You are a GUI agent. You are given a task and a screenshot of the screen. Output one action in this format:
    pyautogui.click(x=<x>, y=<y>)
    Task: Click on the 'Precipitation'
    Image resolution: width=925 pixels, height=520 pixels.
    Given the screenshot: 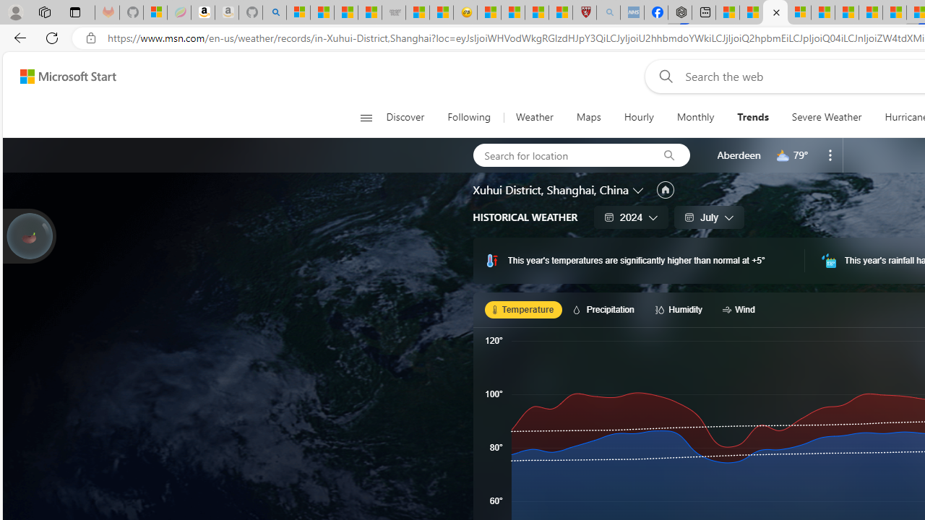 What is the action you would take?
    pyautogui.click(x=606, y=308)
    